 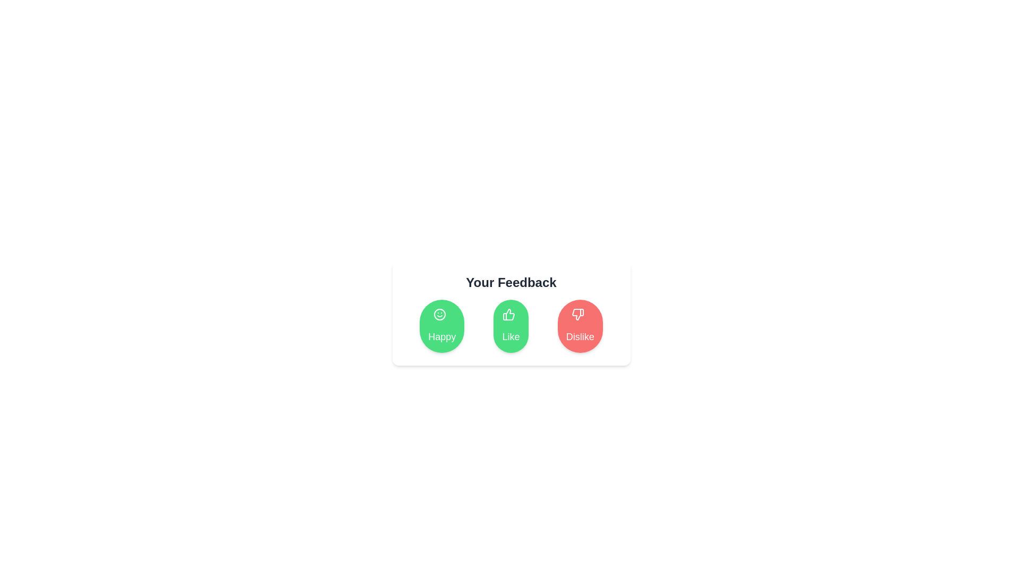 I want to click on the 'Dislike' button, so click(x=579, y=325).